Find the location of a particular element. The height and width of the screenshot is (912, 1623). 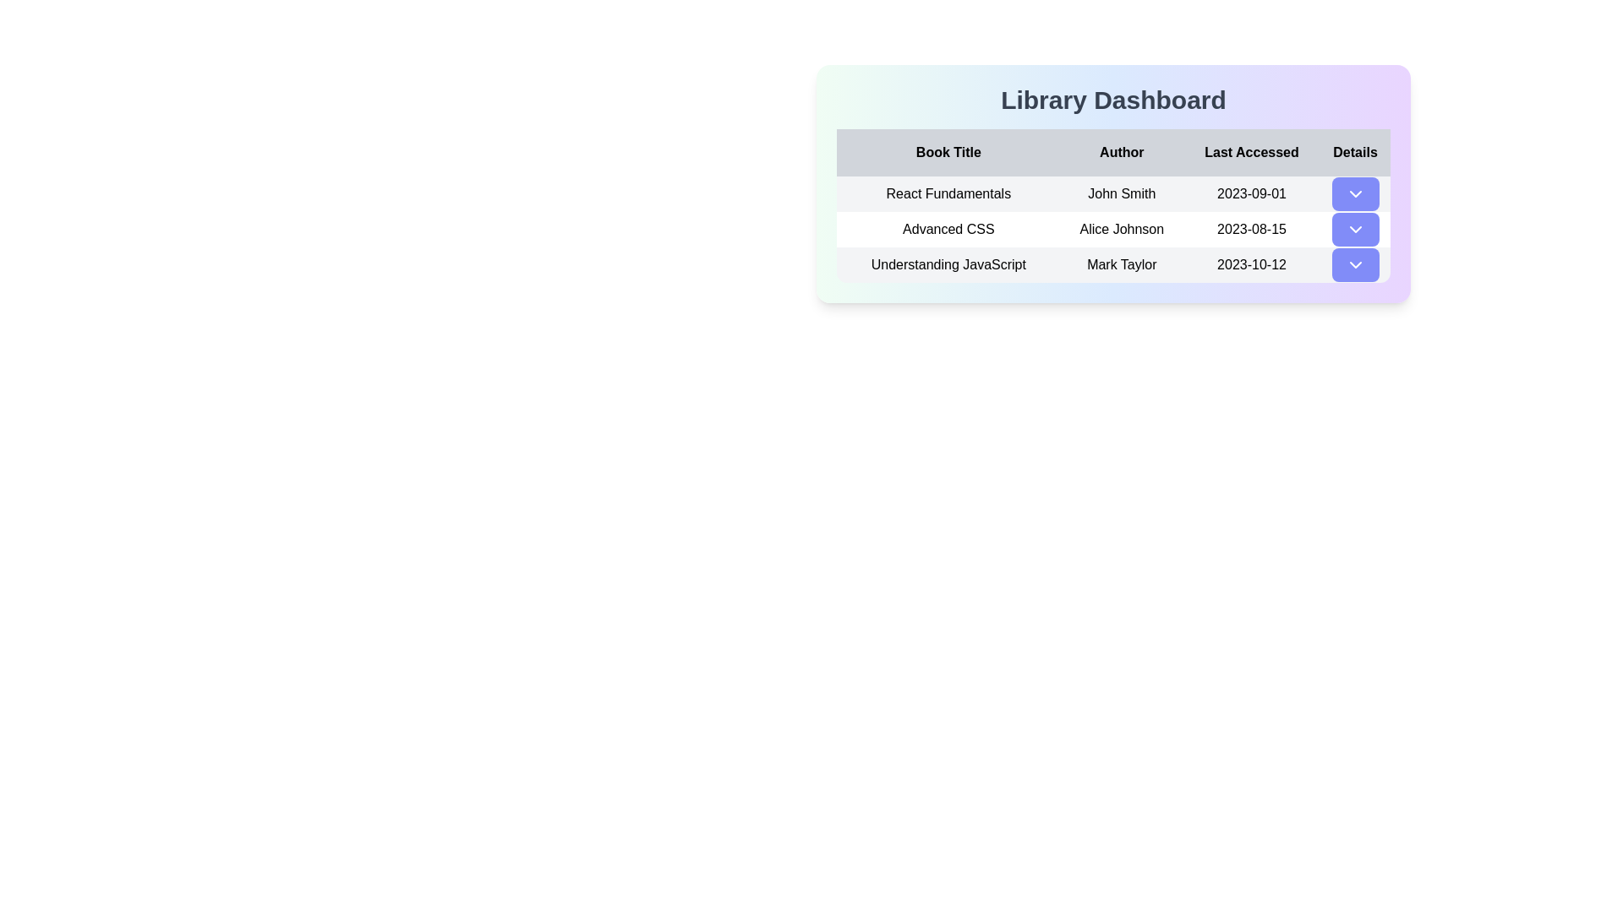

the text label containing 'John Smith' in the Author column of the library dashboard table is located at coordinates (1122, 193).